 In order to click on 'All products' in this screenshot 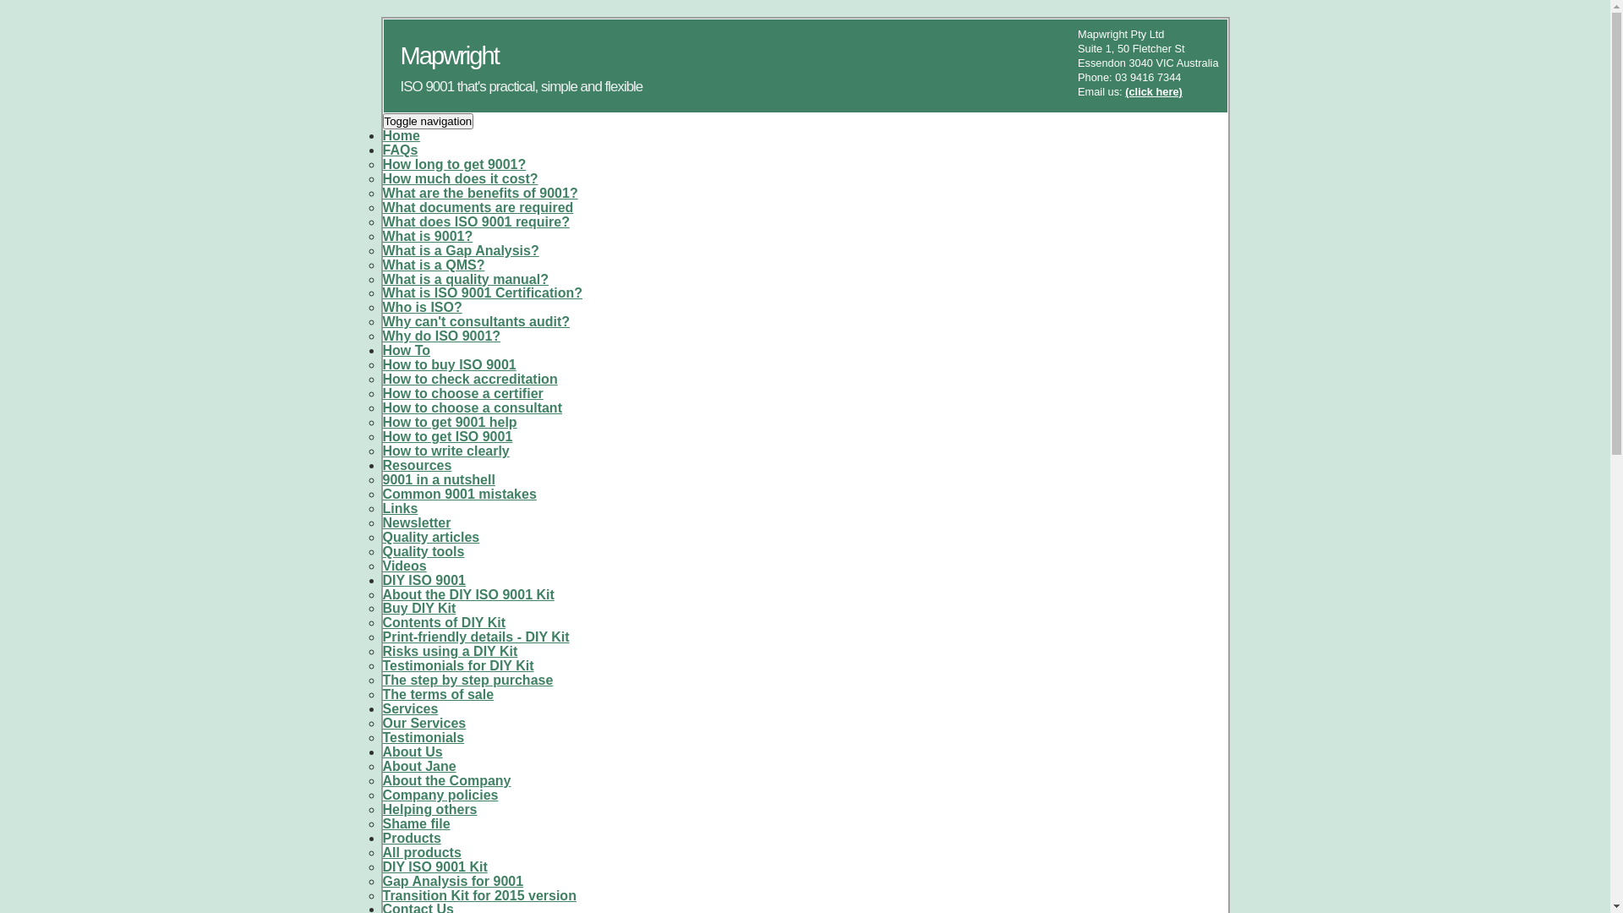, I will do `click(421, 852)`.